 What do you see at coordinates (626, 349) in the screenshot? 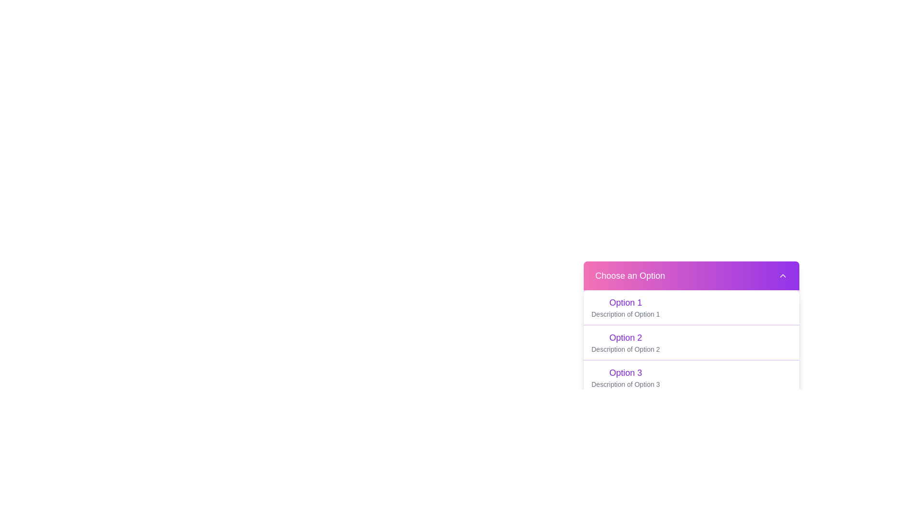
I see `text label that contains 'Description of Option 2', which is styled in a small gray font and located beneath the title 'Option 2' in the dropdown list` at bounding box center [626, 349].